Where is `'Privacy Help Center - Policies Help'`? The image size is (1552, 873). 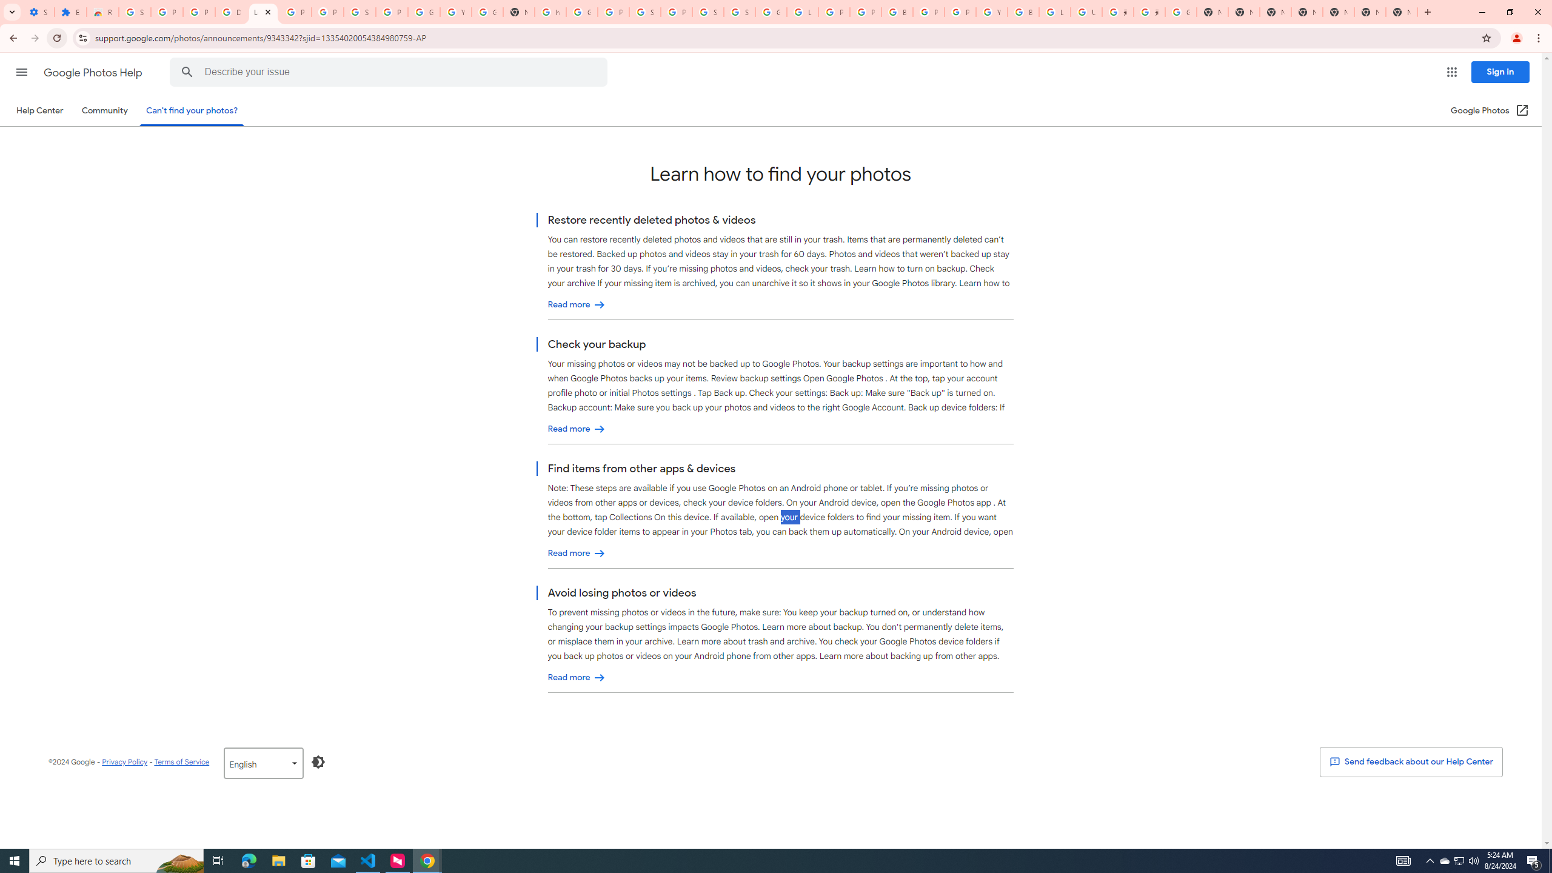 'Privacy Help Center - Policies Help' is located at coordinates (865, 12).